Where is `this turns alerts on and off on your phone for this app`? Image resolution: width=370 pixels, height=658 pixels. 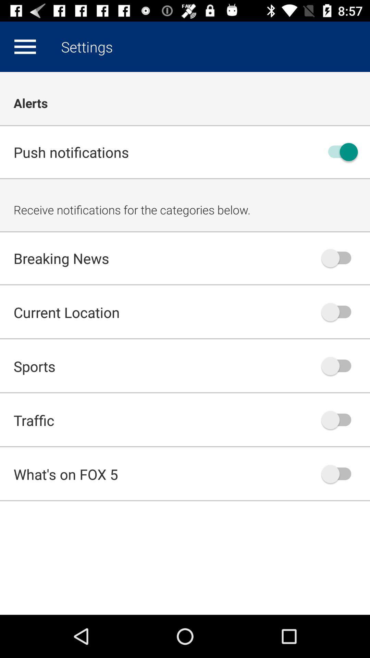 this turns alerts on and off on your phone for this app is located at coordinates (340, 151).